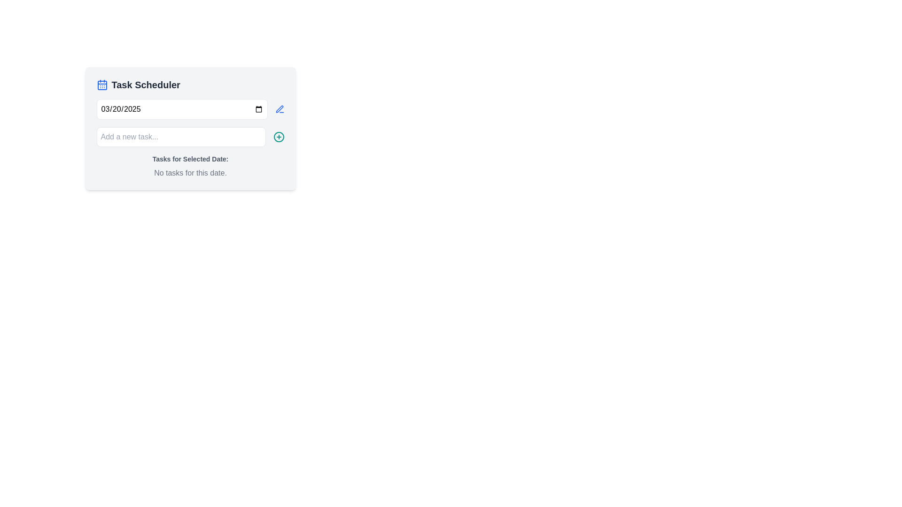 Image resolution: width=902 pixels, height=507 pixels. What do you see at coordinates (190, 108) in the screenshot?
I see `the date-picker input field displaying the pre-filled date '03/20/2025'` at bounding box center [190, 108].